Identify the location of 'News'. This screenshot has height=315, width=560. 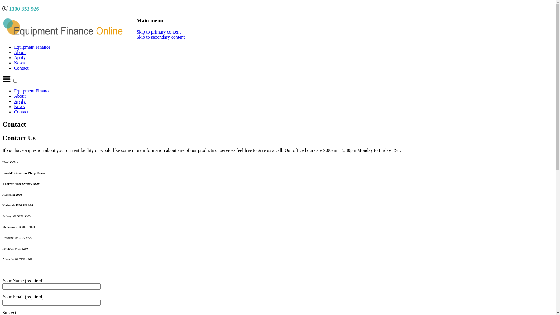
(19, 106).